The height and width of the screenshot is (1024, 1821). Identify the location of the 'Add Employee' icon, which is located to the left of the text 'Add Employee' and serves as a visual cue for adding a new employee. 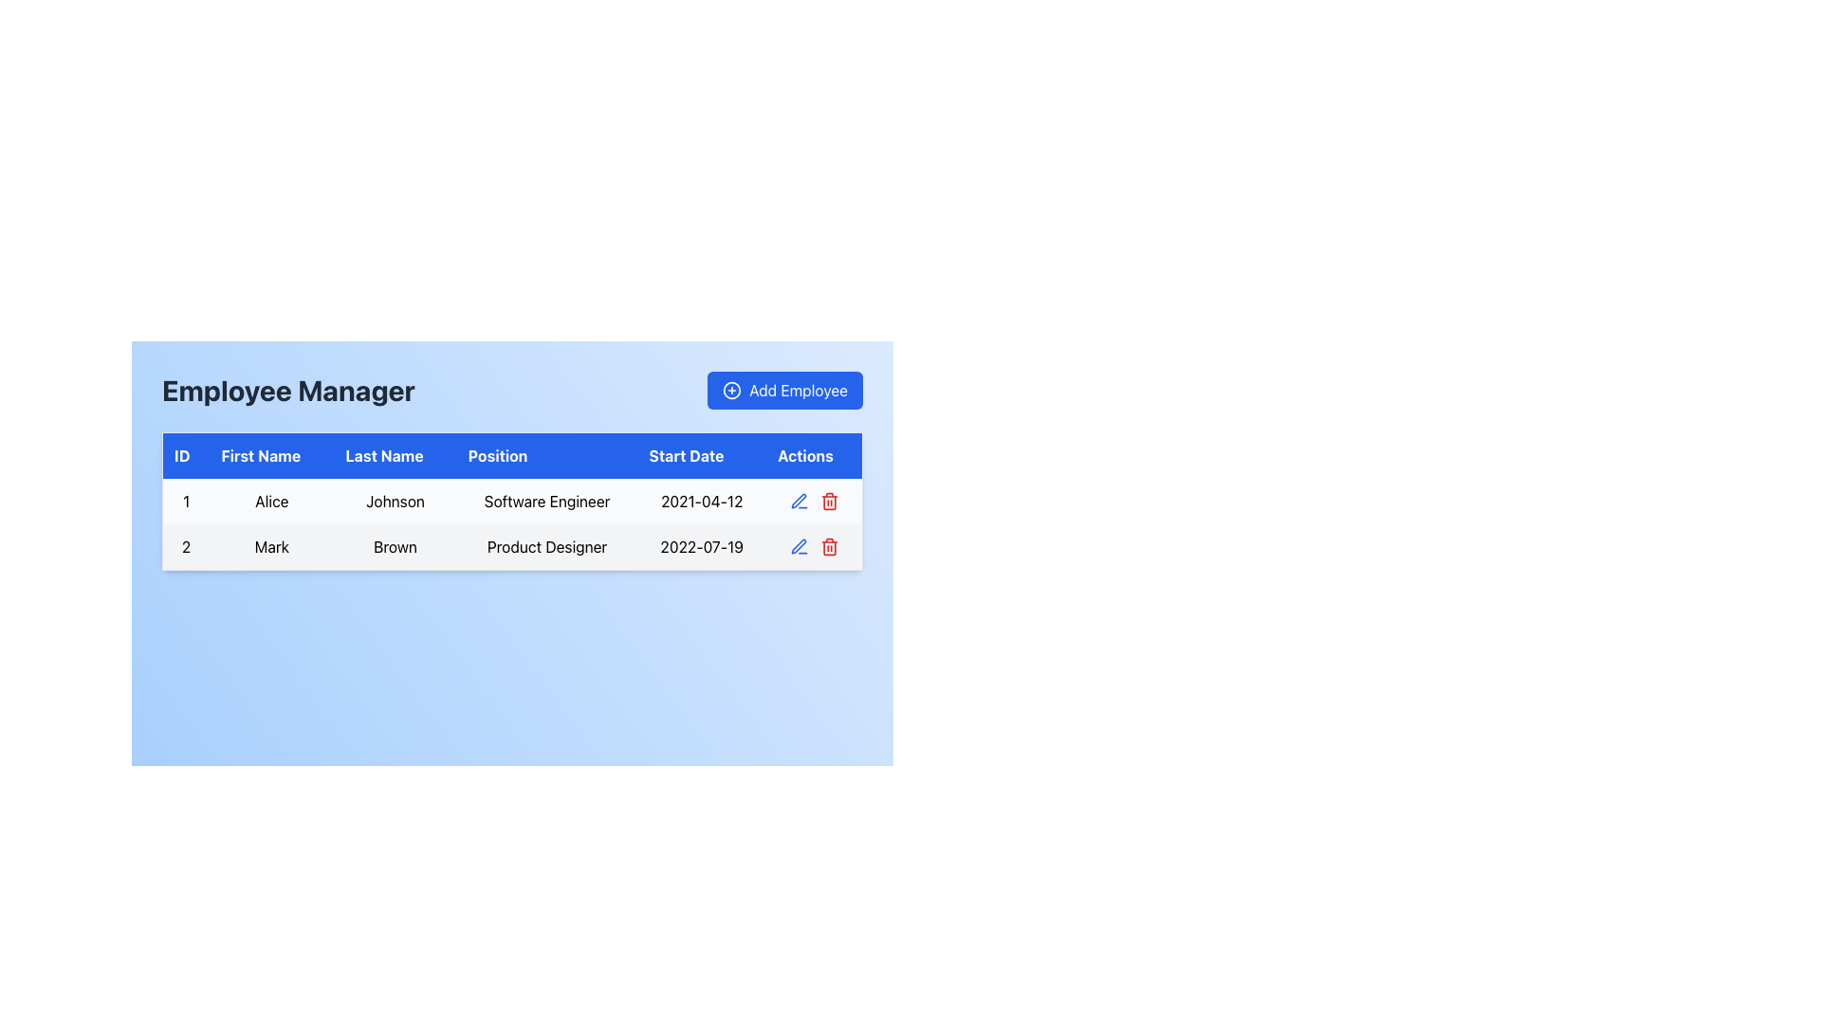
(731, 390).